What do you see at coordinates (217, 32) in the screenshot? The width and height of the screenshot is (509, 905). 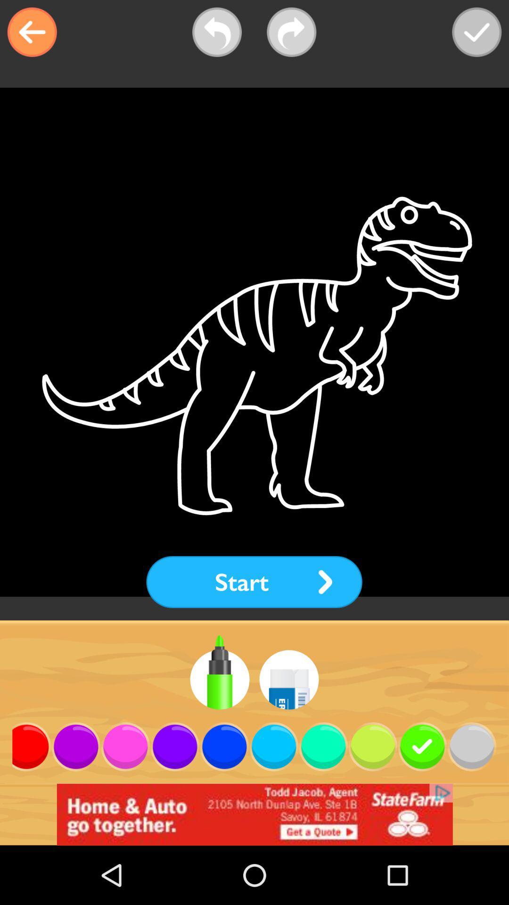 I see `go previous` at bounding box center [217, 32].